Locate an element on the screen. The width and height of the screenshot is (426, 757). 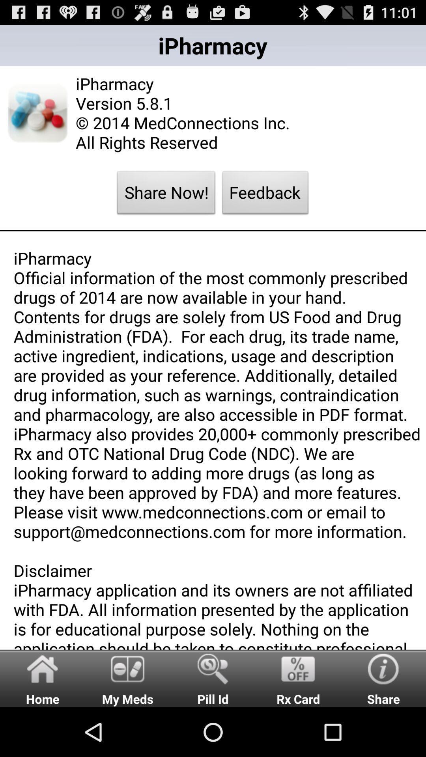
share is located at coordinates (383, 678).